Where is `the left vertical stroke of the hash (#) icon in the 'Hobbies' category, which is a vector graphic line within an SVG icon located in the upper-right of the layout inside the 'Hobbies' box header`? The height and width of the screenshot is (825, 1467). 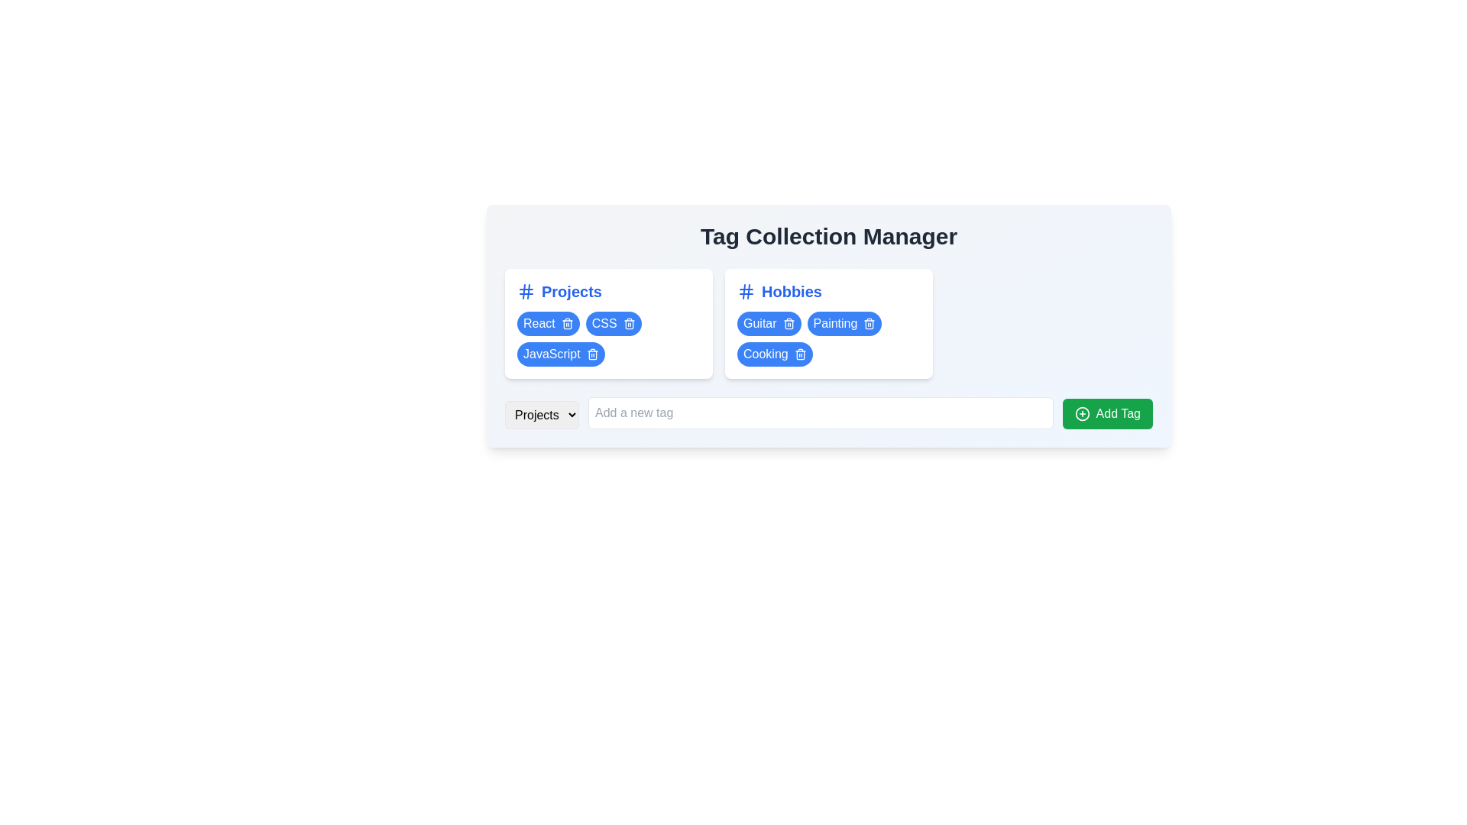 the left vertical stroke of the hash (#) icon in the 'Hobbies' category, which is a vector graphic line within an SVG icon located in the upper-right of the layout inside the 'Hobbies' box header is located at coordinates (744, 291).